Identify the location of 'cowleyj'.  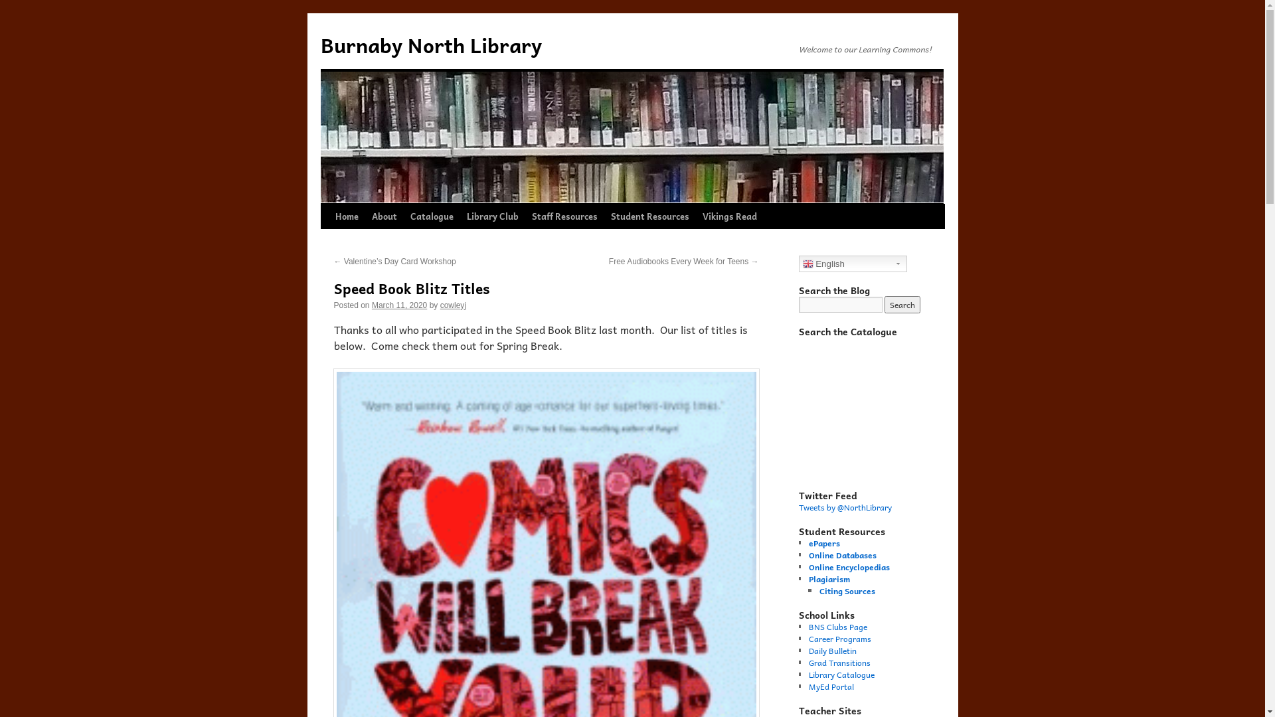
(453, 305).